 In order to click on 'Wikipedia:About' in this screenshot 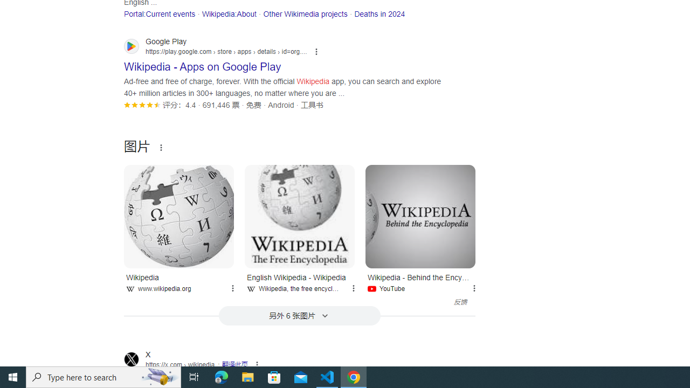, I will do `click(228, 13)`.